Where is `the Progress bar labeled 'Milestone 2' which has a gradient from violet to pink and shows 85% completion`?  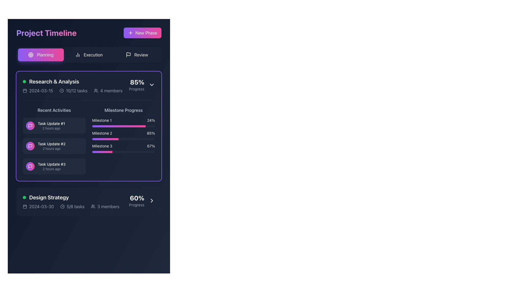
the Progress bar labeled 'Milestone 2' which has a gradient from violet to pink and shows 85% completion is located at coordinates (123, 135).